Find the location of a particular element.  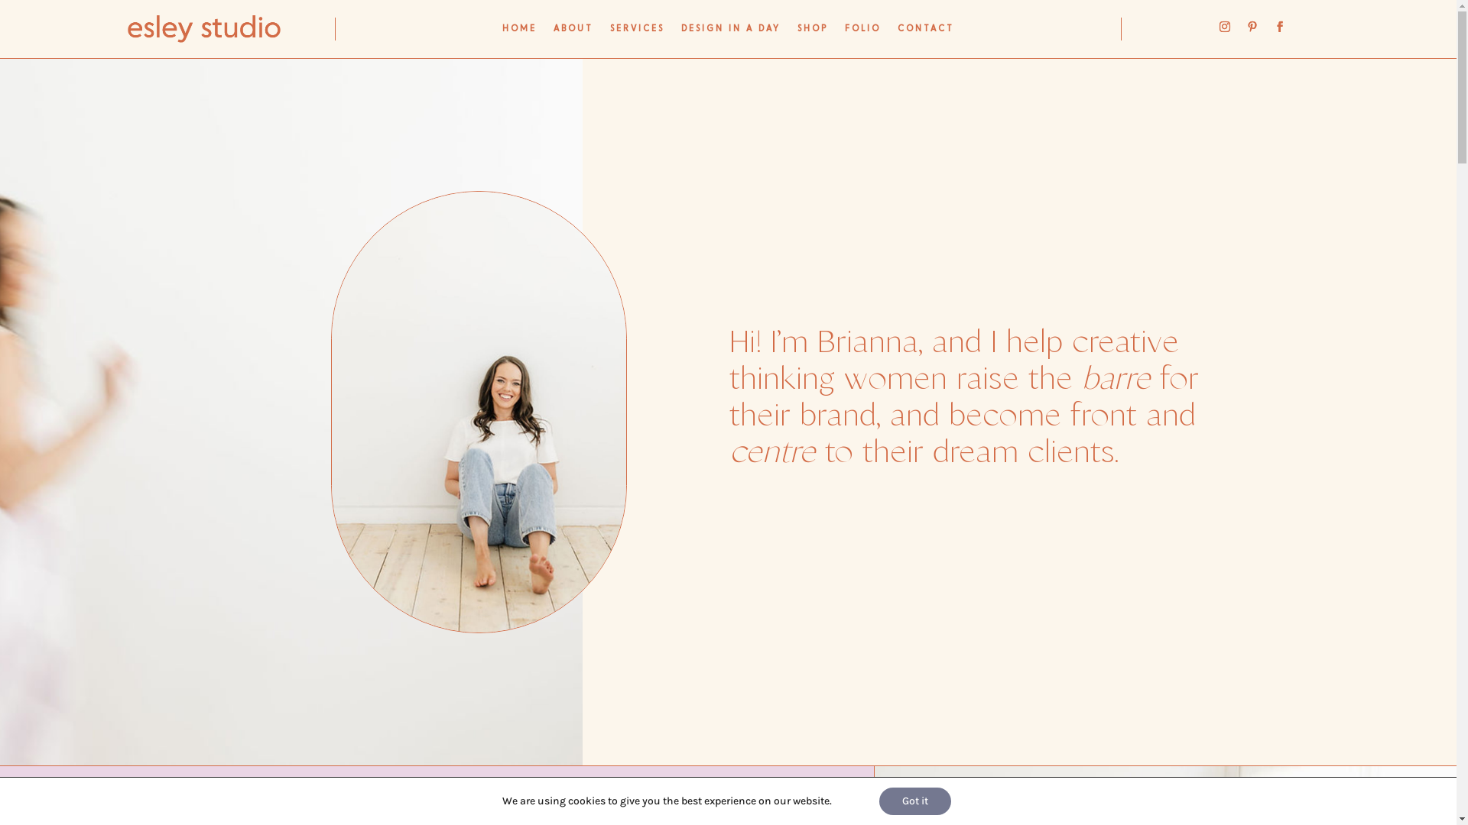

'CONTACT' is located at coordinates (924, 32).